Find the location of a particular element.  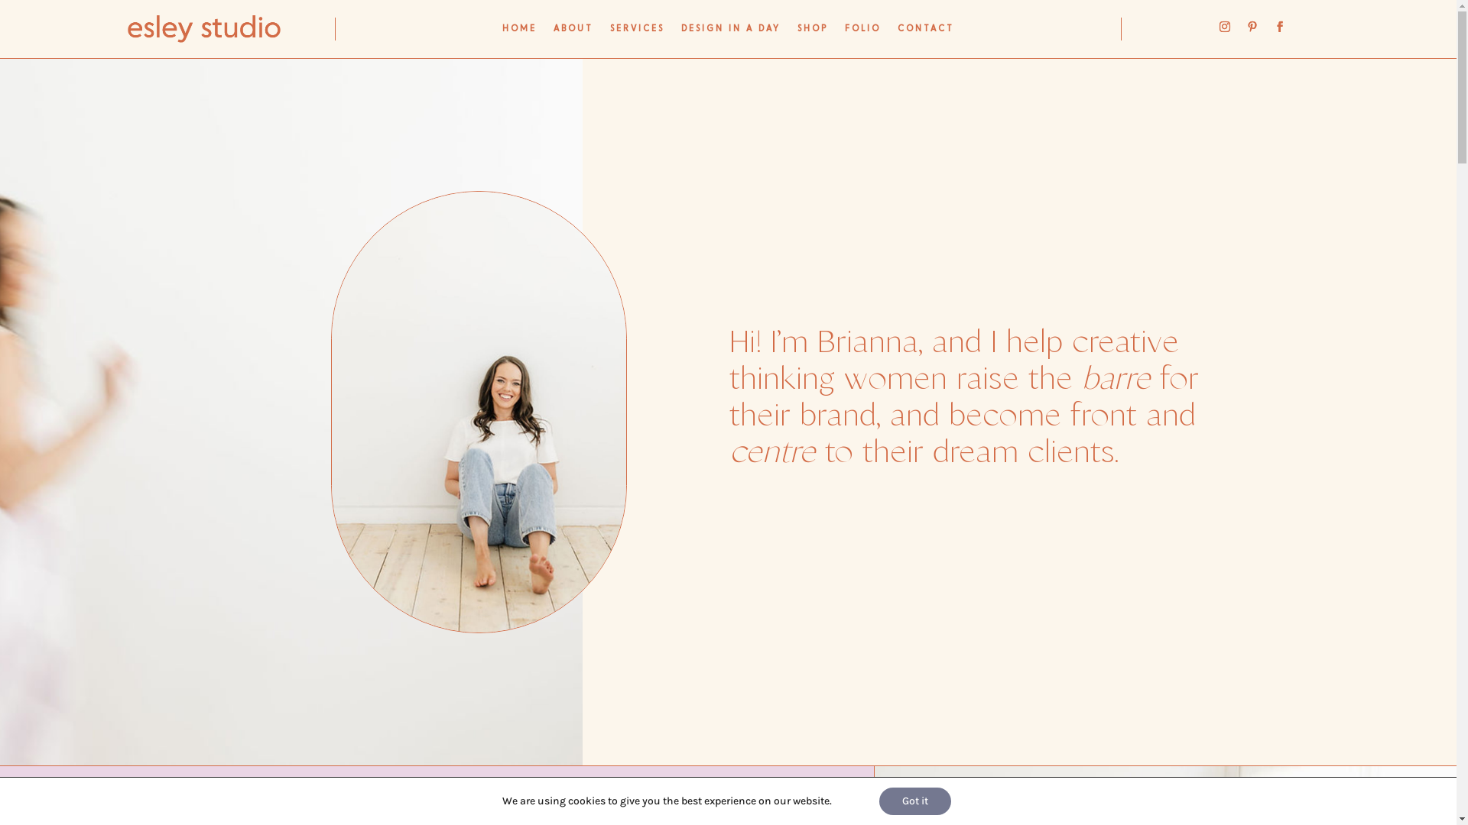

'CONTACT' is located at coordinates (924, 32).